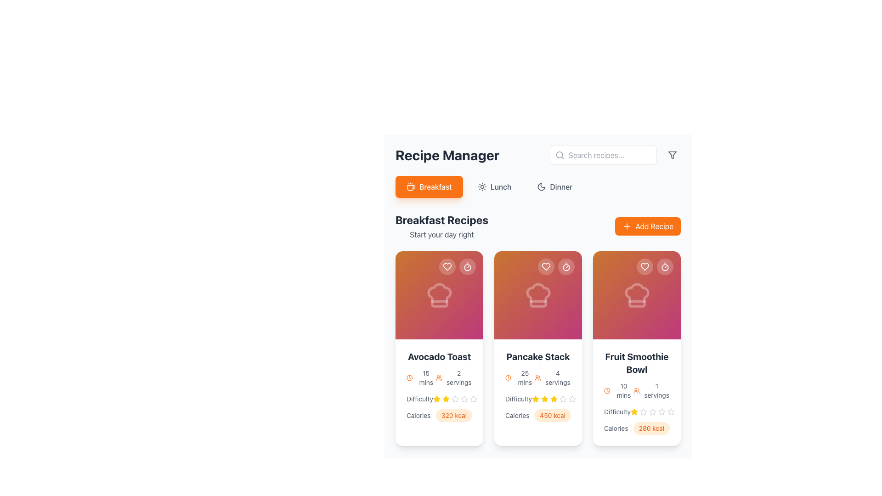  What do you see at coordinates (538, 295) in the screenshot?
I see `the Decorative visual panel representing a recipe category located at the top section of the second card in the 'Breakfast Recipes' list` at bounding box center [538, 295].